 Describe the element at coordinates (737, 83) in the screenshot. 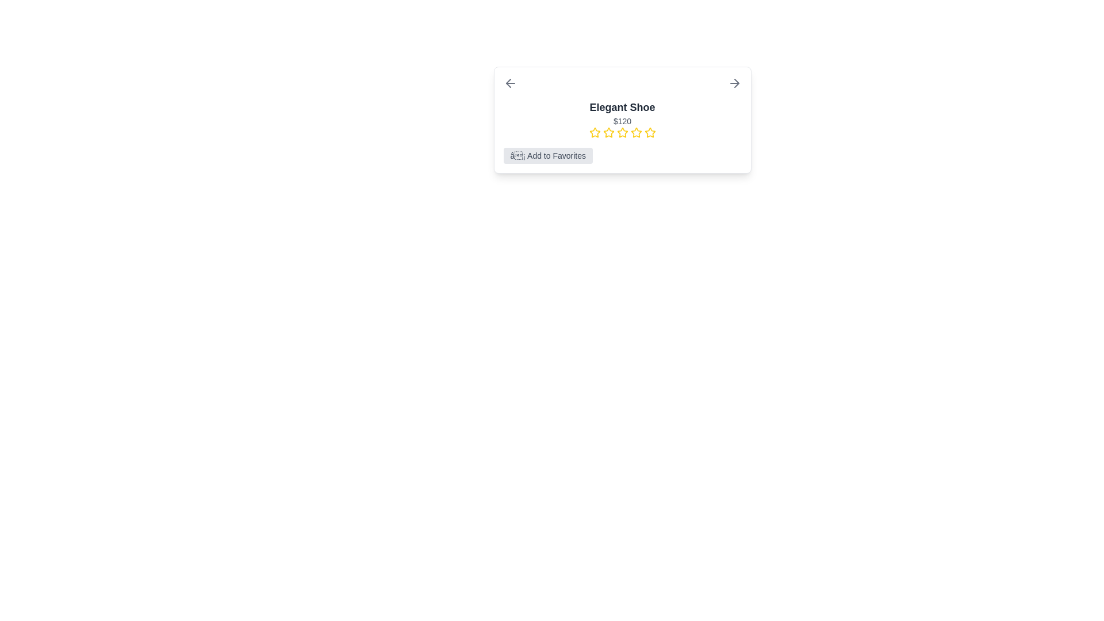

I see `the head of the rightwards pointing arrow icon located in the top-right corner of the card-like component` at that location.